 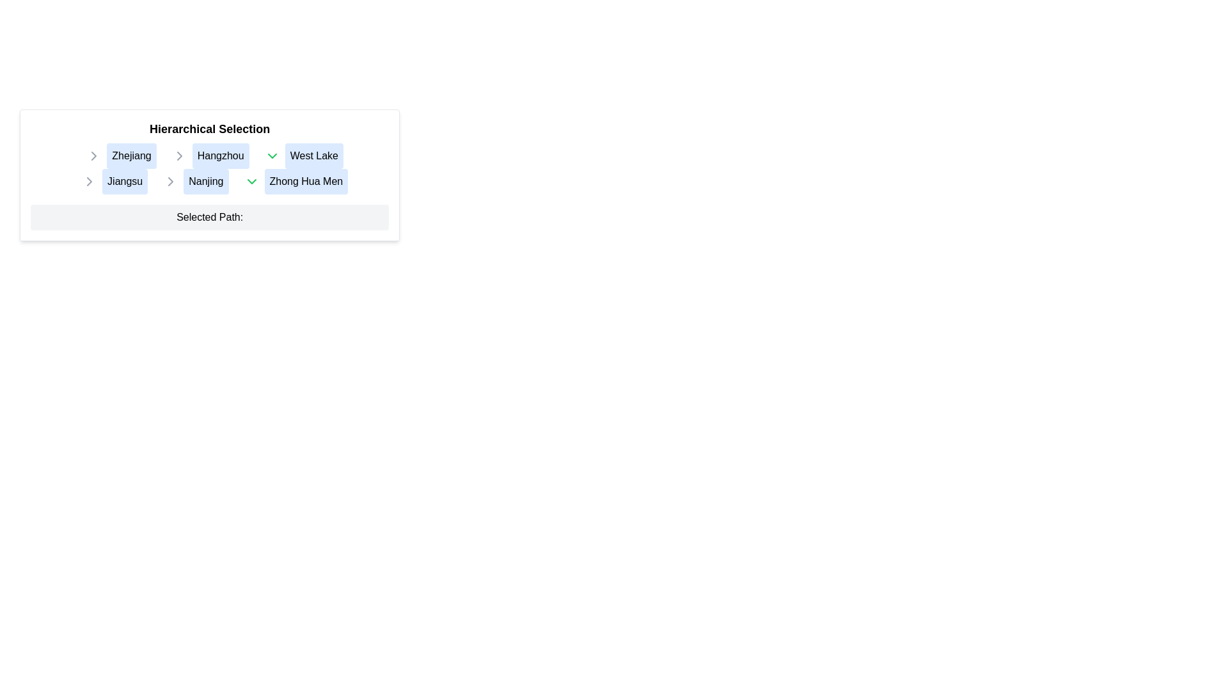 I want to click on the selectable item labeled 'Zhong Hua Men' with a light blue background and a green downward-pointing chevron icon, so click(x=290, y=182).